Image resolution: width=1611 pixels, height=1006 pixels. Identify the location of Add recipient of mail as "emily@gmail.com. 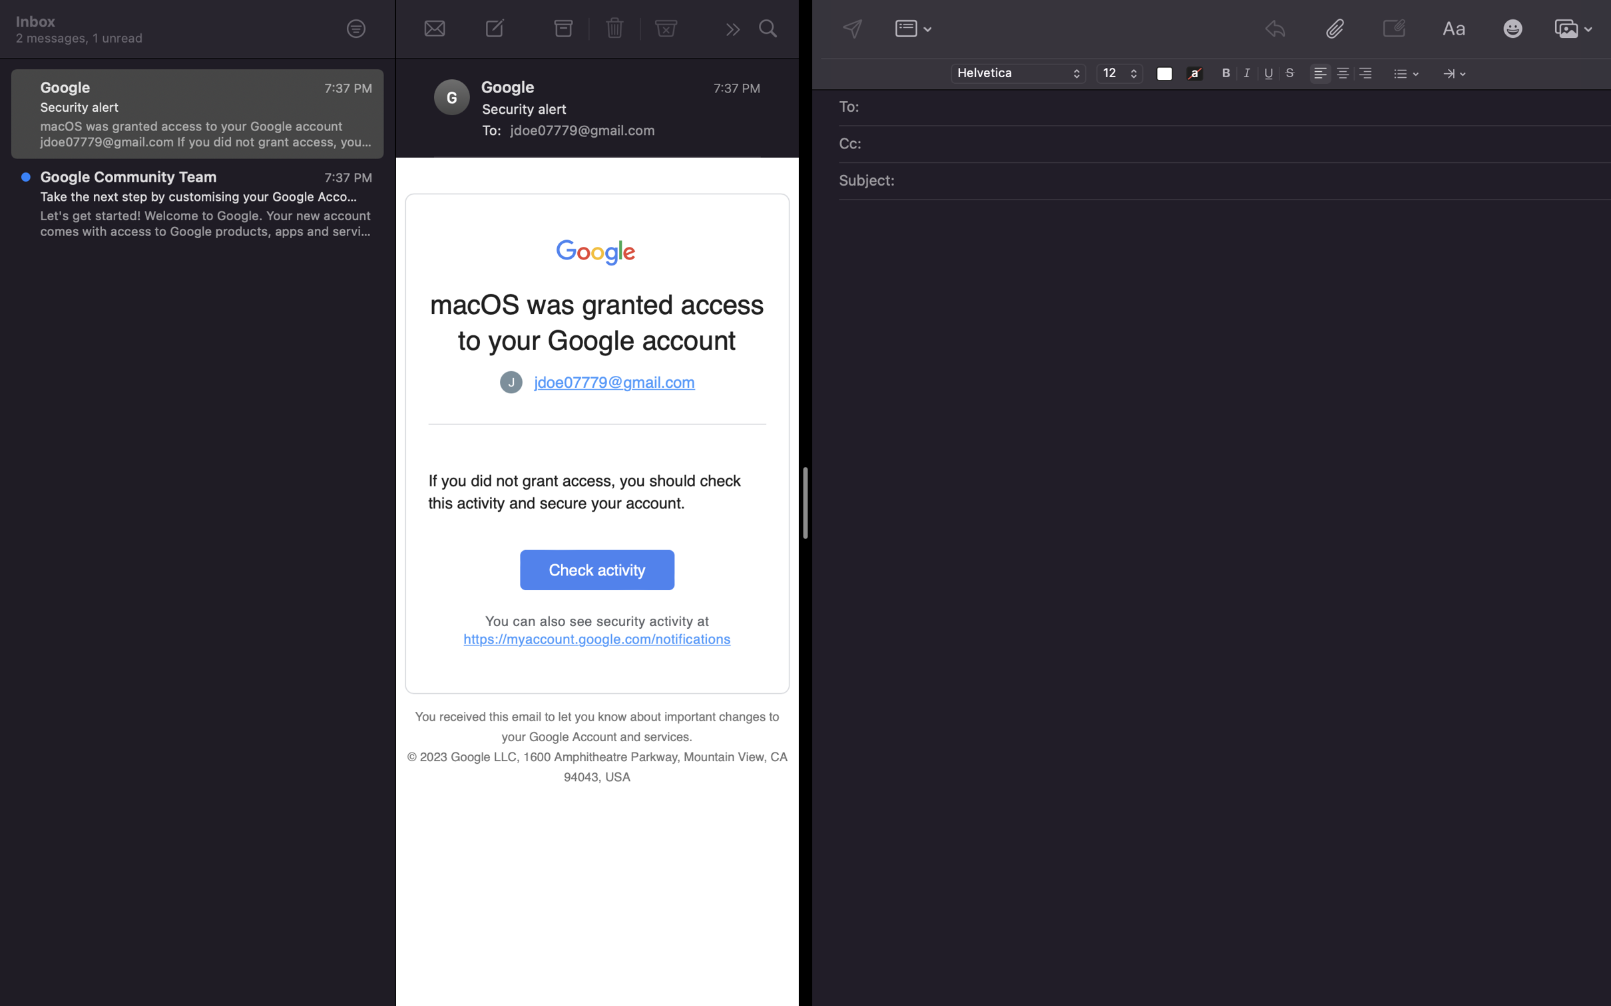
(1234, 108).